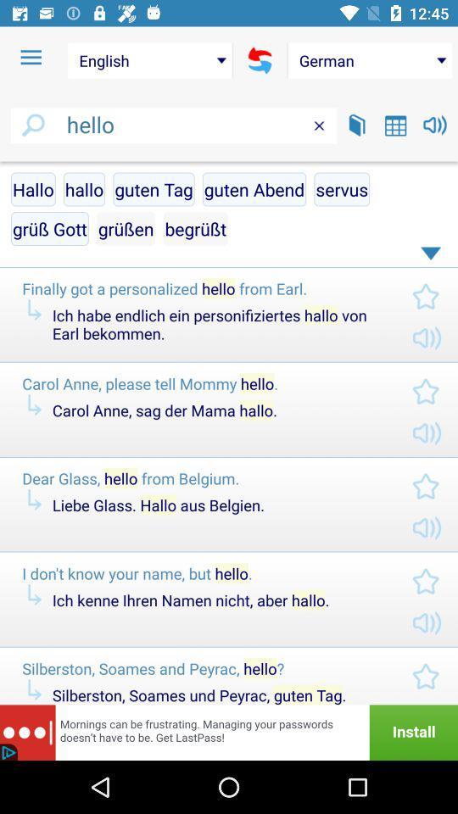 This screenshot has width=458, height=814. Describe the element at coordinates (229, 732) in the screenshot. I see `advertisement` at that location.